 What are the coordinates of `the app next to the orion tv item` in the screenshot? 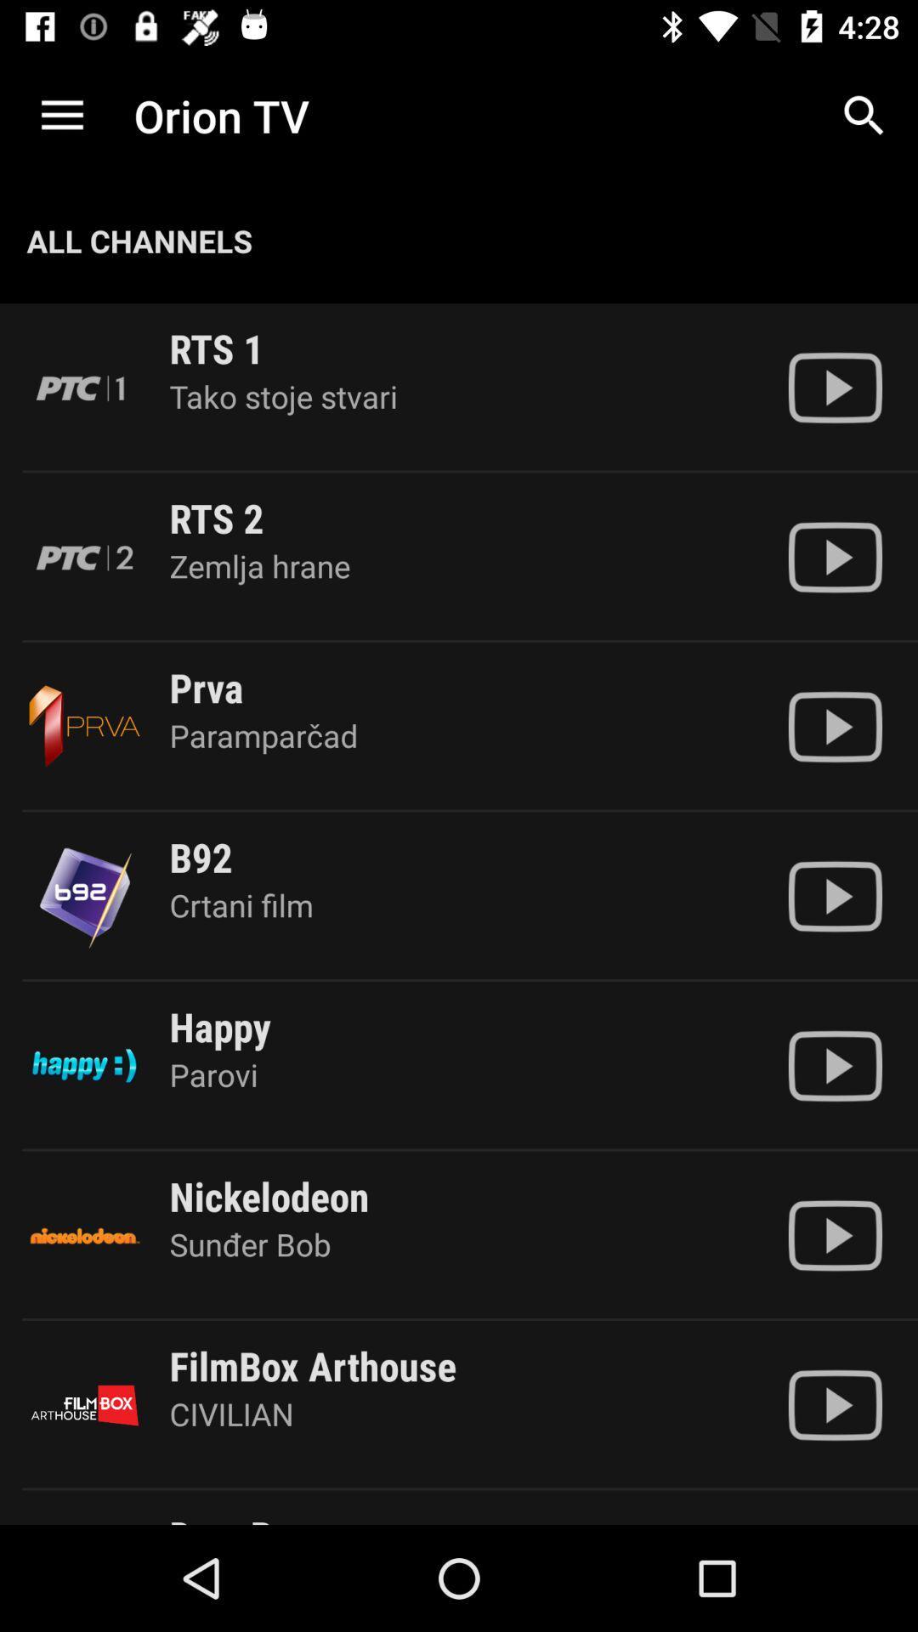 It's located at (61, 115).